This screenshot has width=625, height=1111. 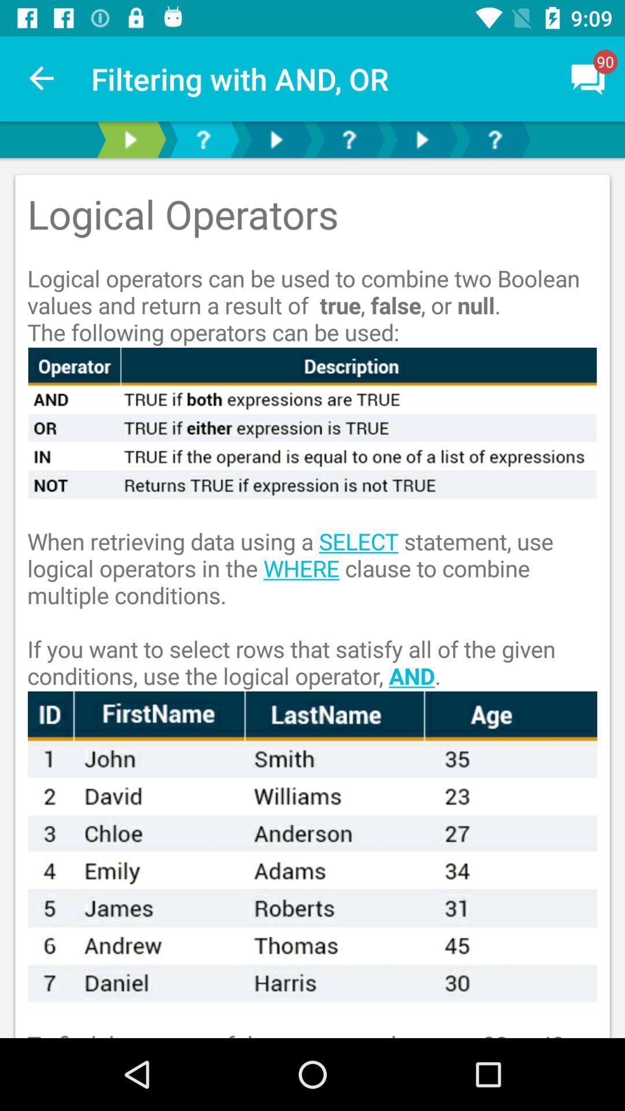 I want to click on help, so click(x=495, y=139).